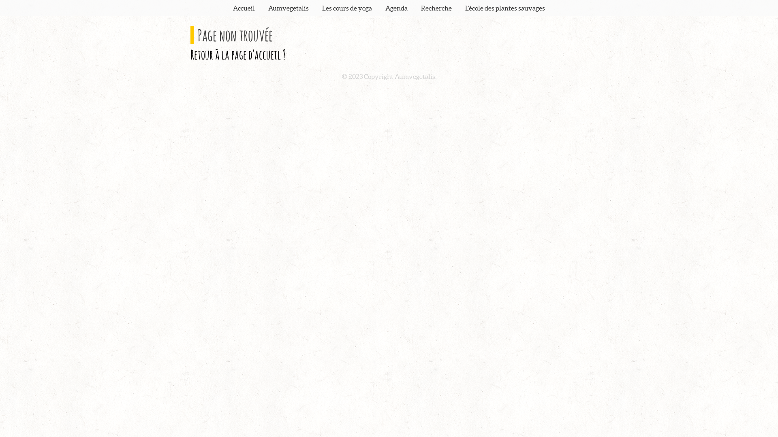  I want to click on 'Aumvegetalis', so click(288, 8).